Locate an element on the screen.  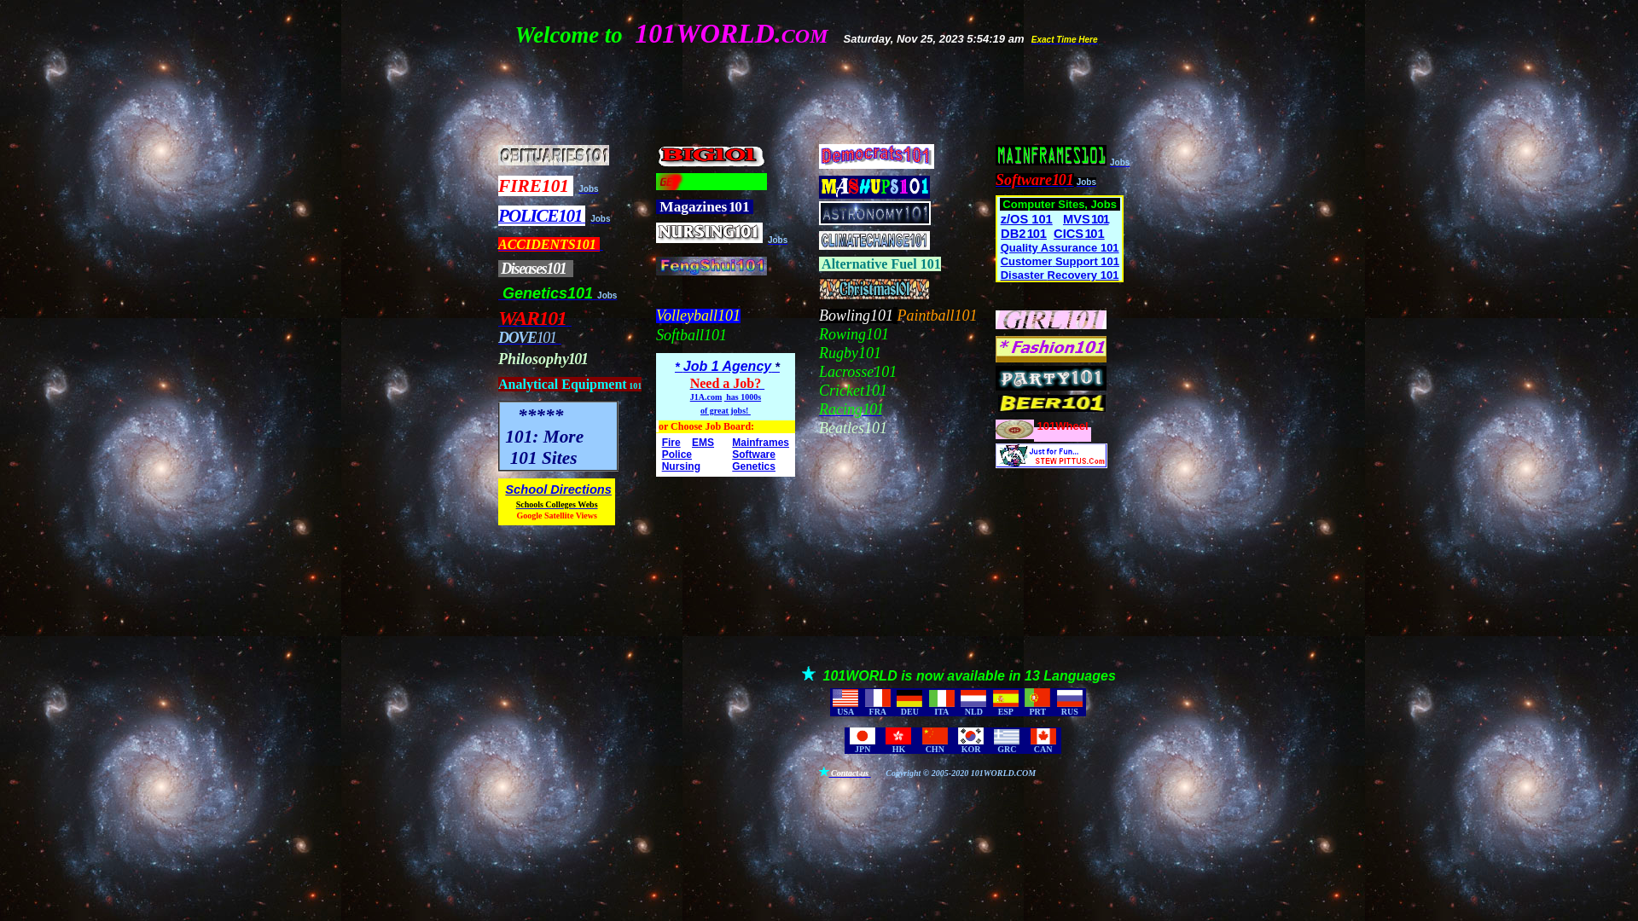
'Alternative Fuel 101' is located at coordinates (822, 264).